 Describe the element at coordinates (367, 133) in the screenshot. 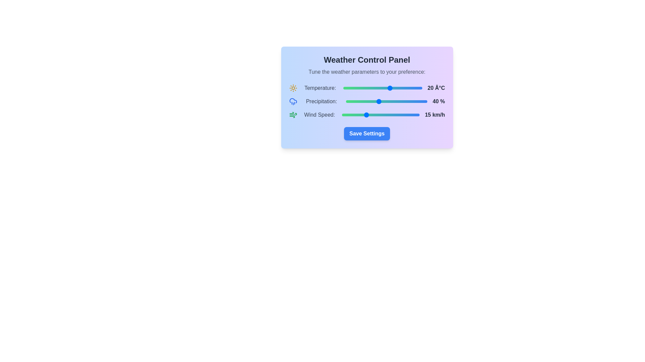

I see `the 'Save Settings' button in the Weather Control Panel` at that location.